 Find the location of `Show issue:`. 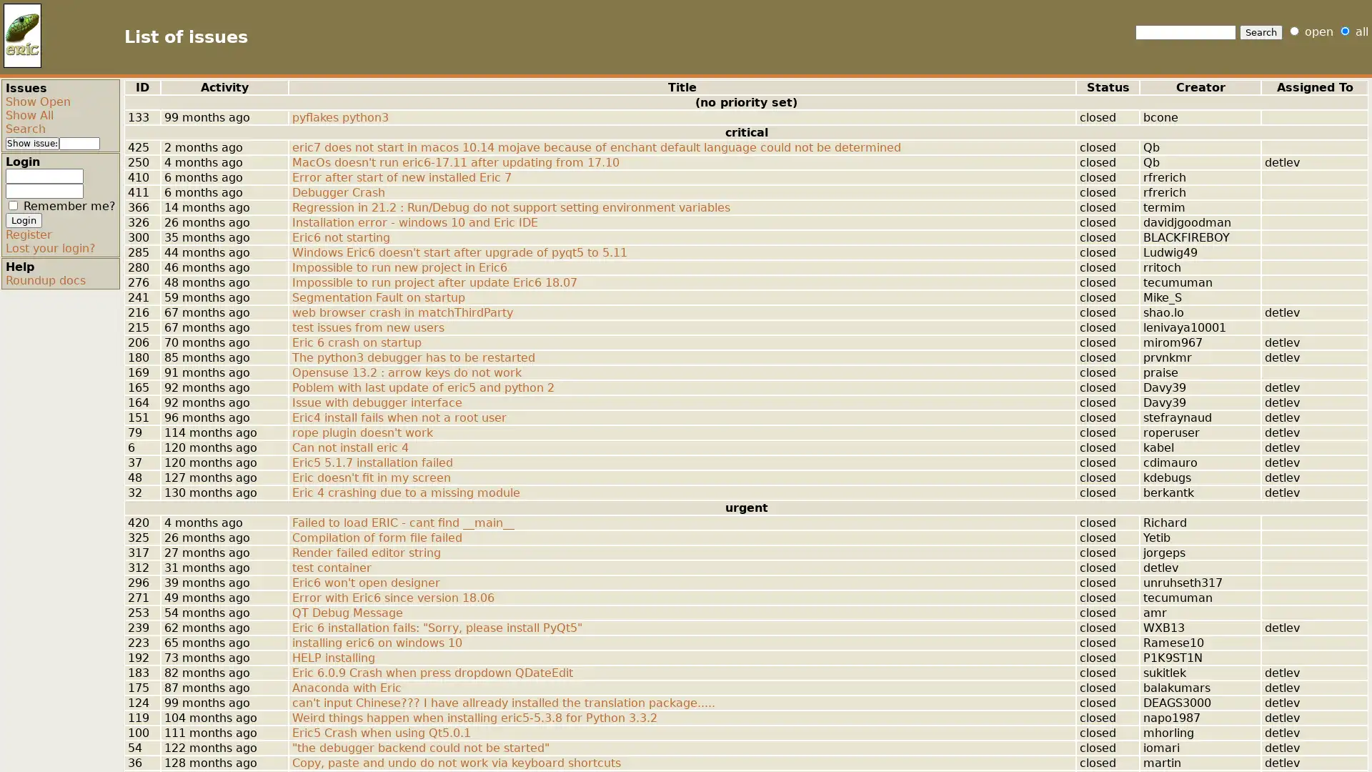

Show issue: is located at coordinates (32, 143).